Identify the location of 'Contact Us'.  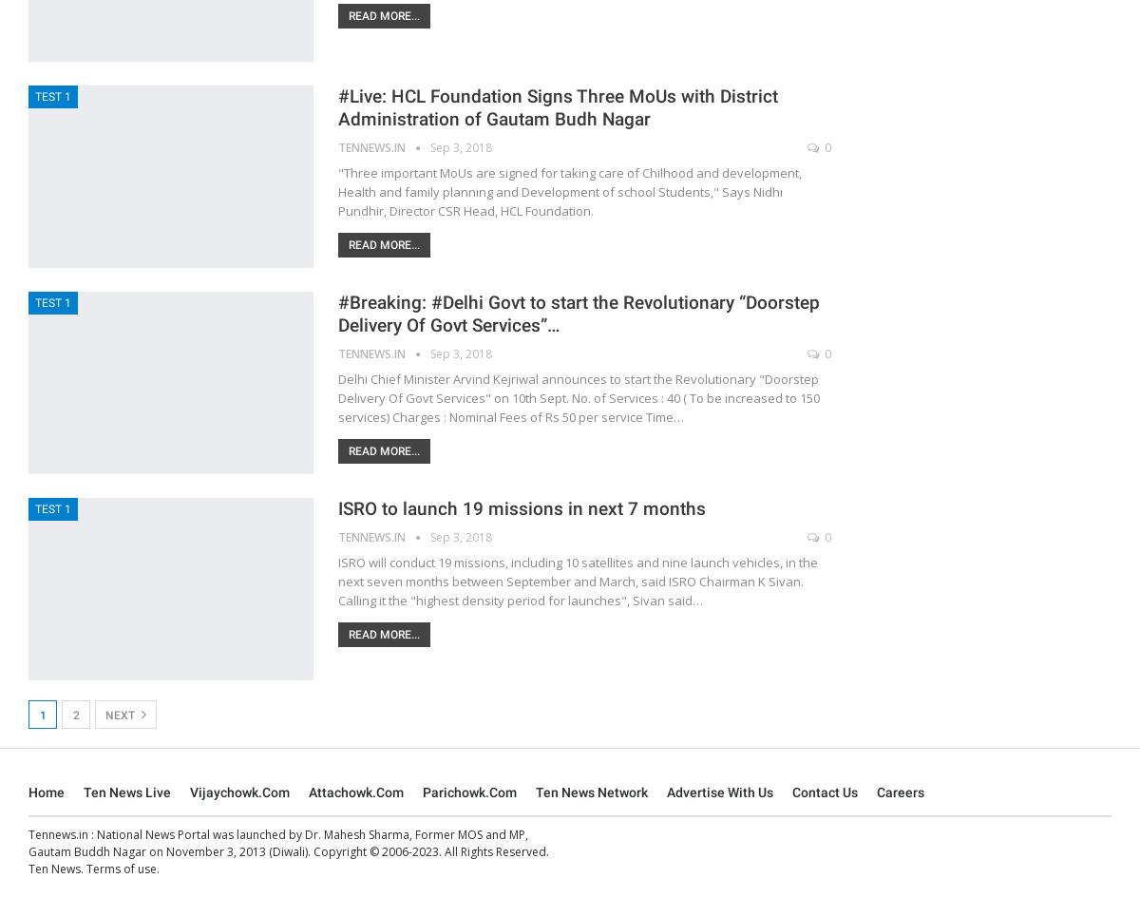
(824, 791).